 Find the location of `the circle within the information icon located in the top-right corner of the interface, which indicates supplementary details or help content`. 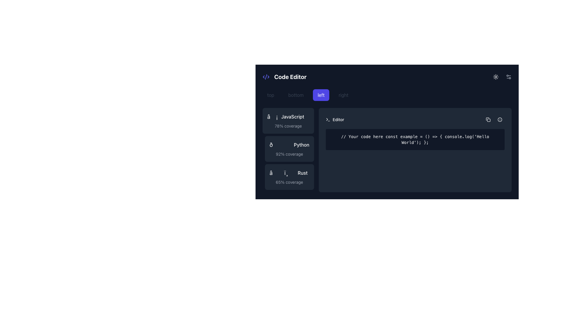

the circle within the information icon located in the top-right corner of the interface, which indicates supplementary details or help content is located at coordinates (500, 119).